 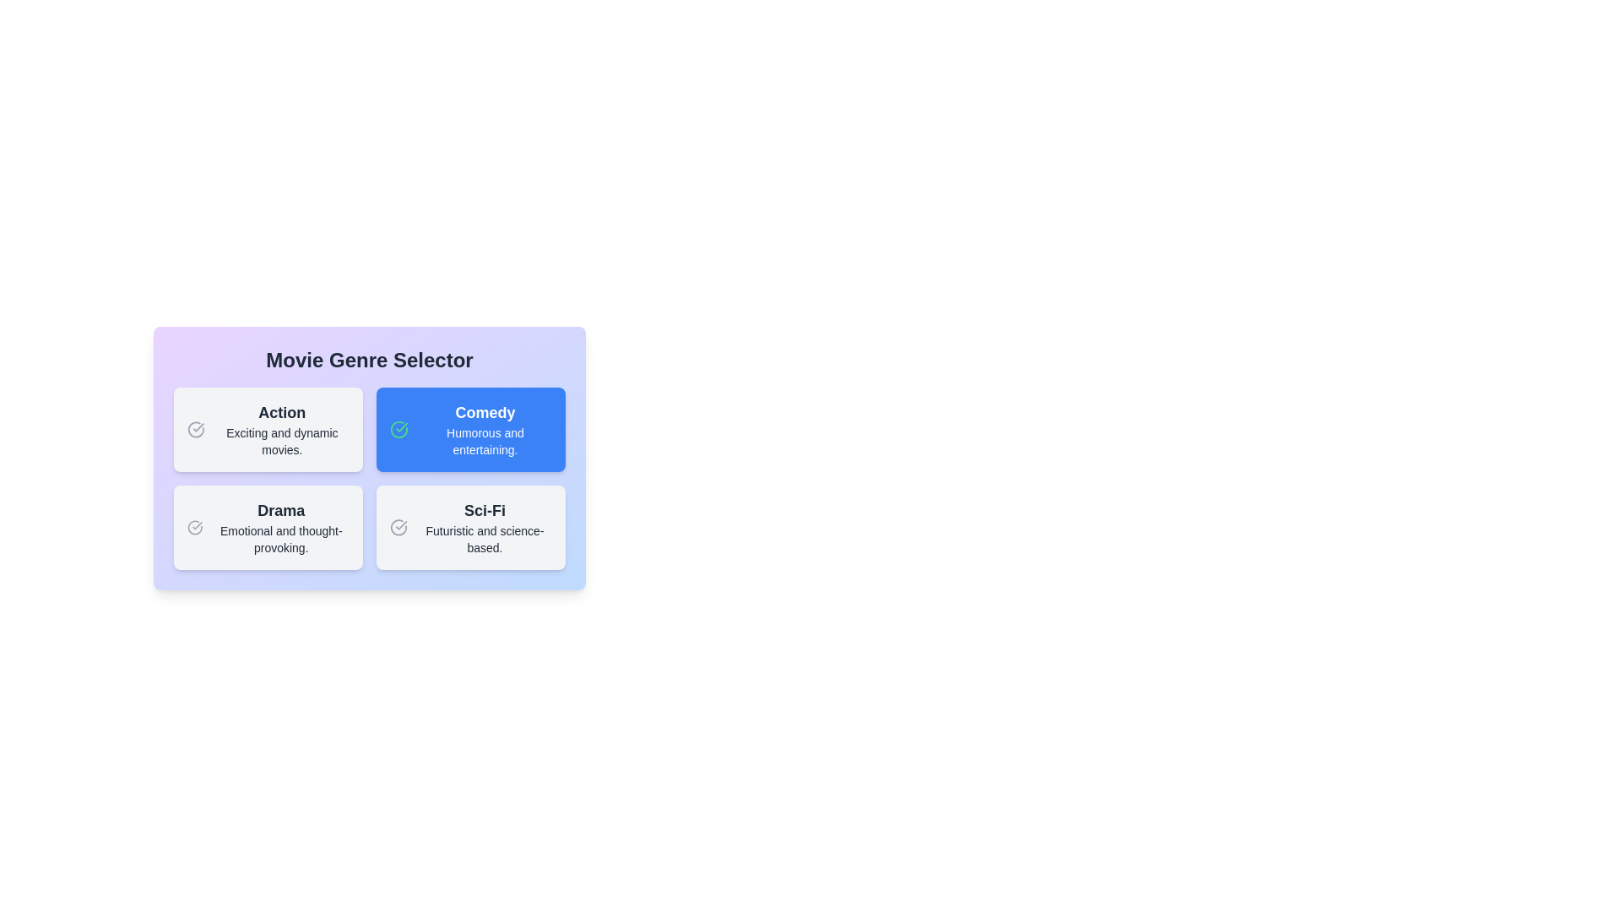 What do you see at coordinates (470, 429) in the screenshot?
I see `the description of the genre Comedy and read its text` at bounding box center [470, 429].